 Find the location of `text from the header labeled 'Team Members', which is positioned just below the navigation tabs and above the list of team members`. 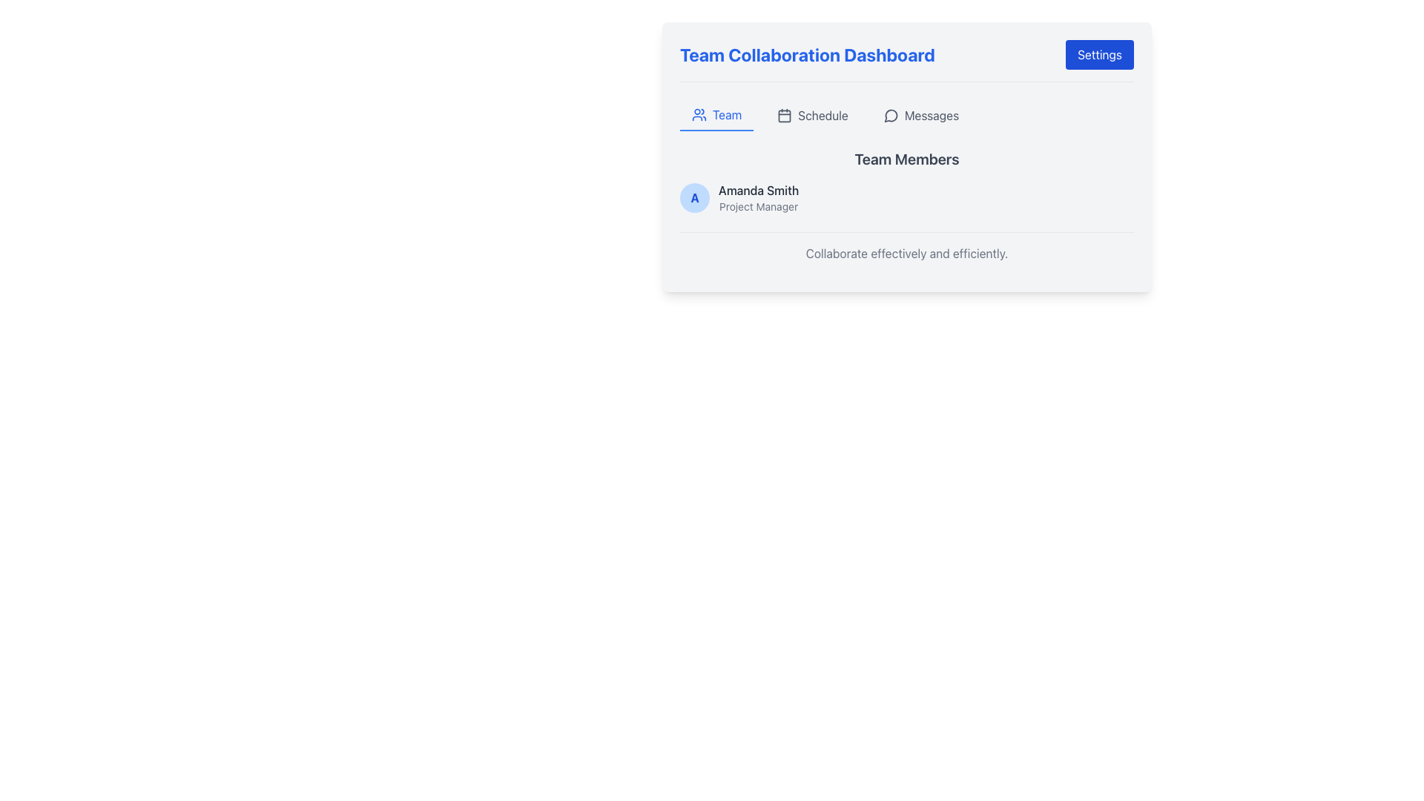

text from the header labeled 'Team Members', which is positioned just below the navigation tabs and above the list of team members is located at coordinates (906, 159).